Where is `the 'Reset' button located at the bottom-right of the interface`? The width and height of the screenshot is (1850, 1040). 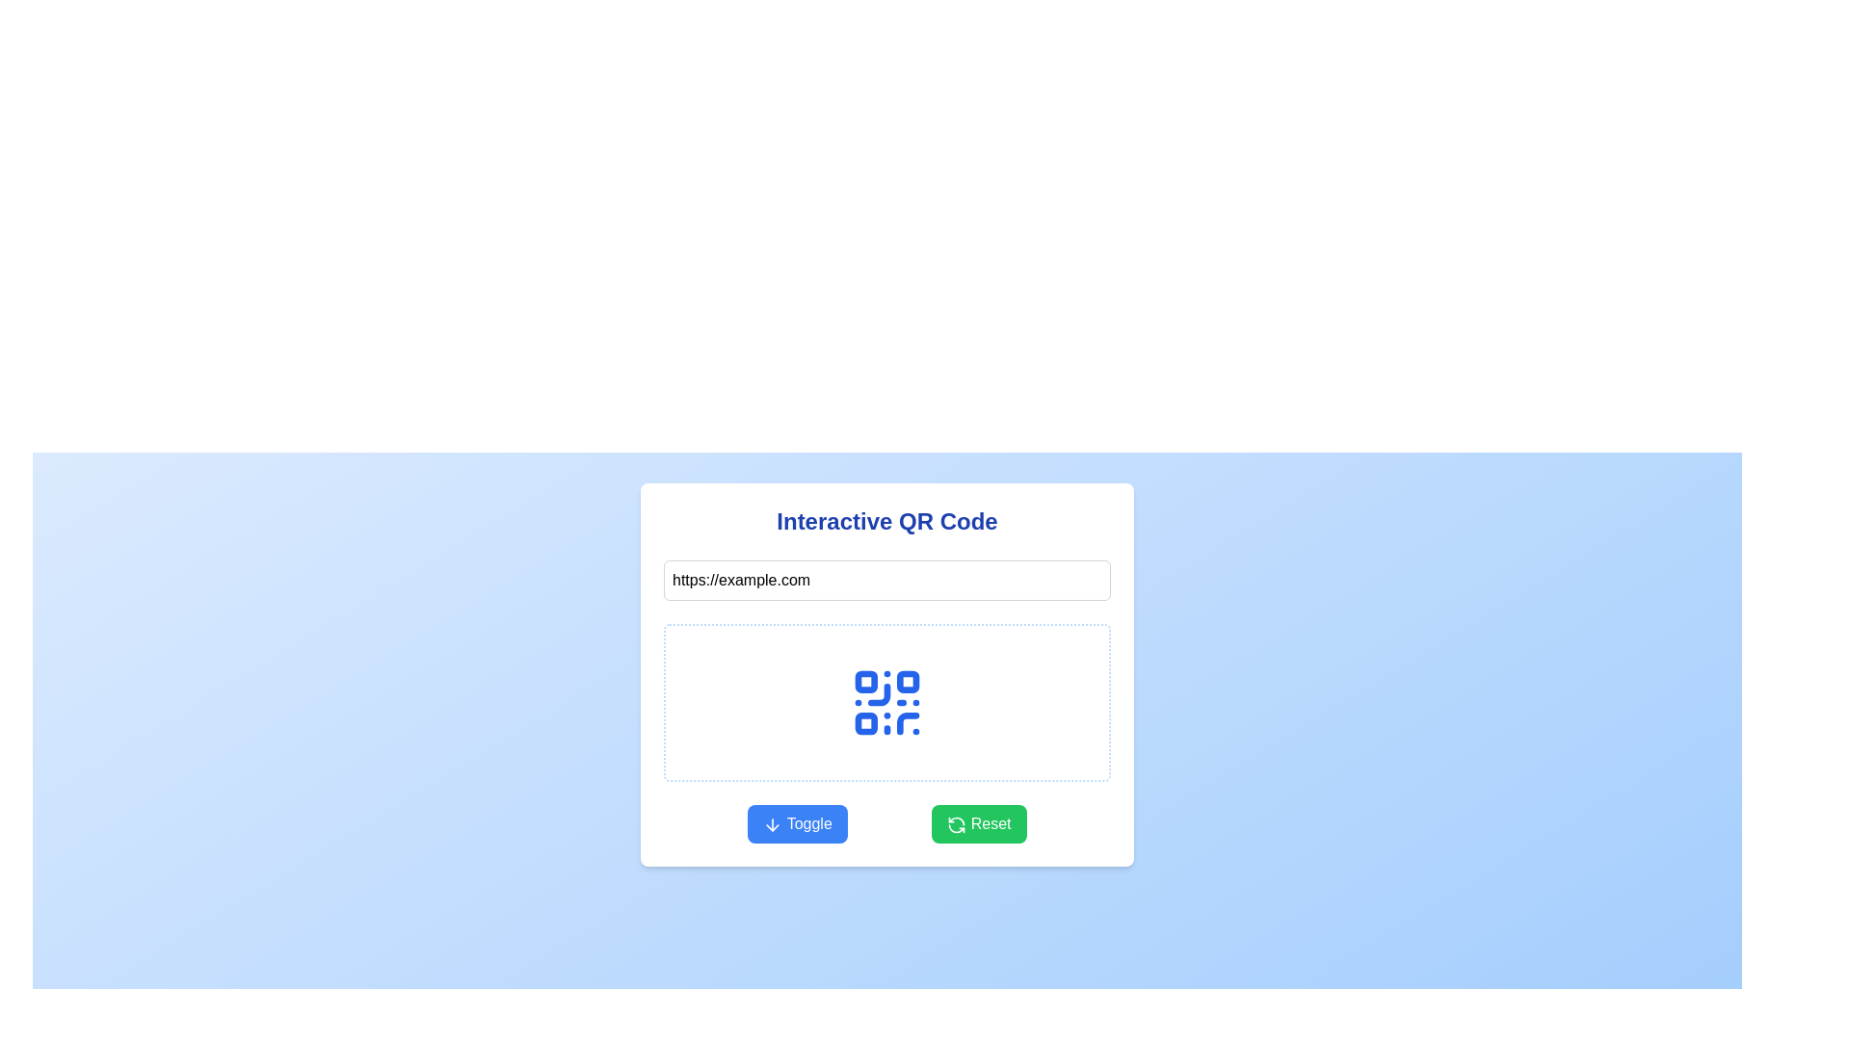
the 'Reset' button located at the bottom-right of the interface is located at coordinates (979, 823).